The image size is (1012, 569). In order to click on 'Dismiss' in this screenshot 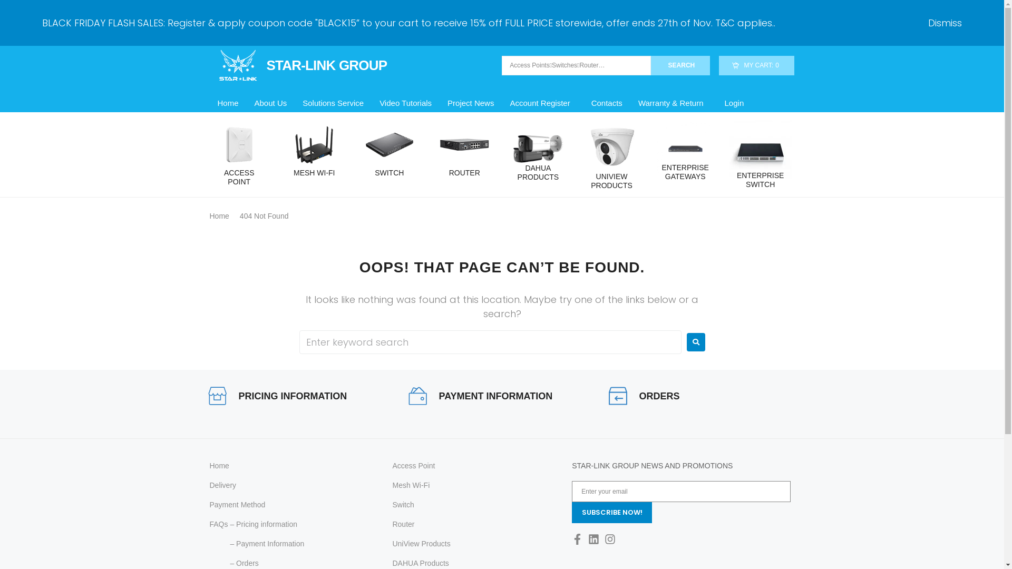, I will do `click(945, 23)`.